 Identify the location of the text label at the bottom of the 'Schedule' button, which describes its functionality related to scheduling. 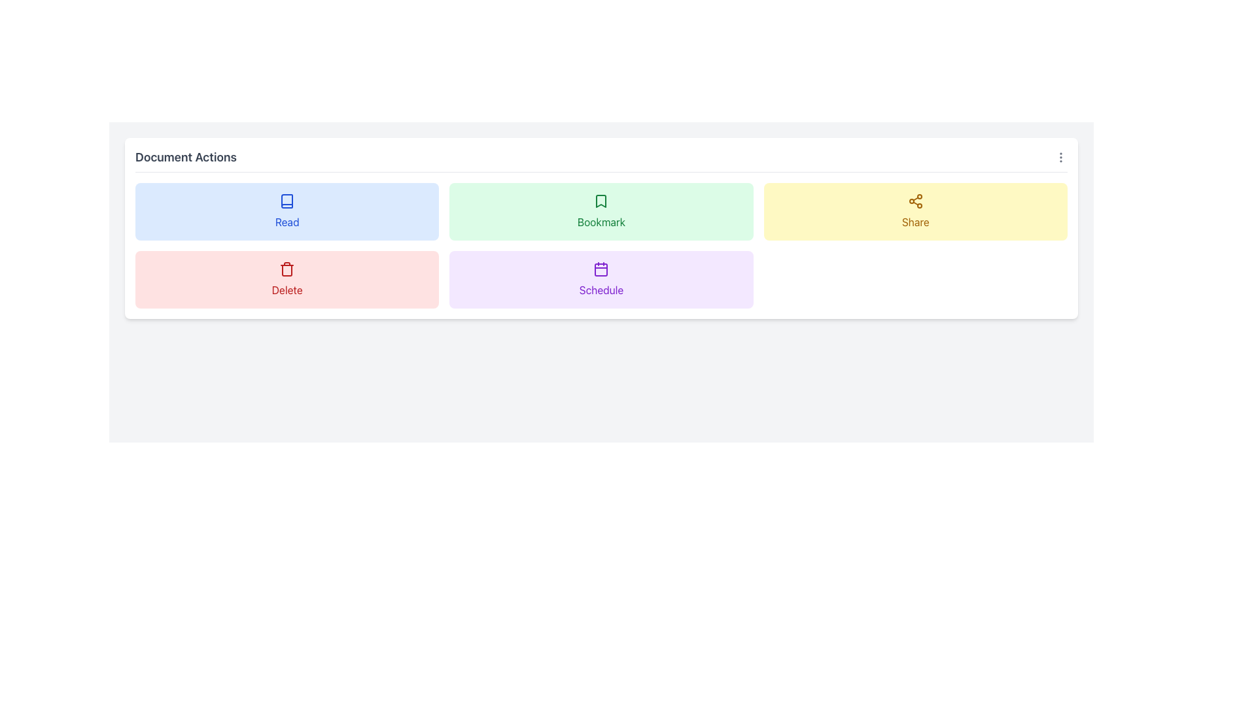
(601, 289).